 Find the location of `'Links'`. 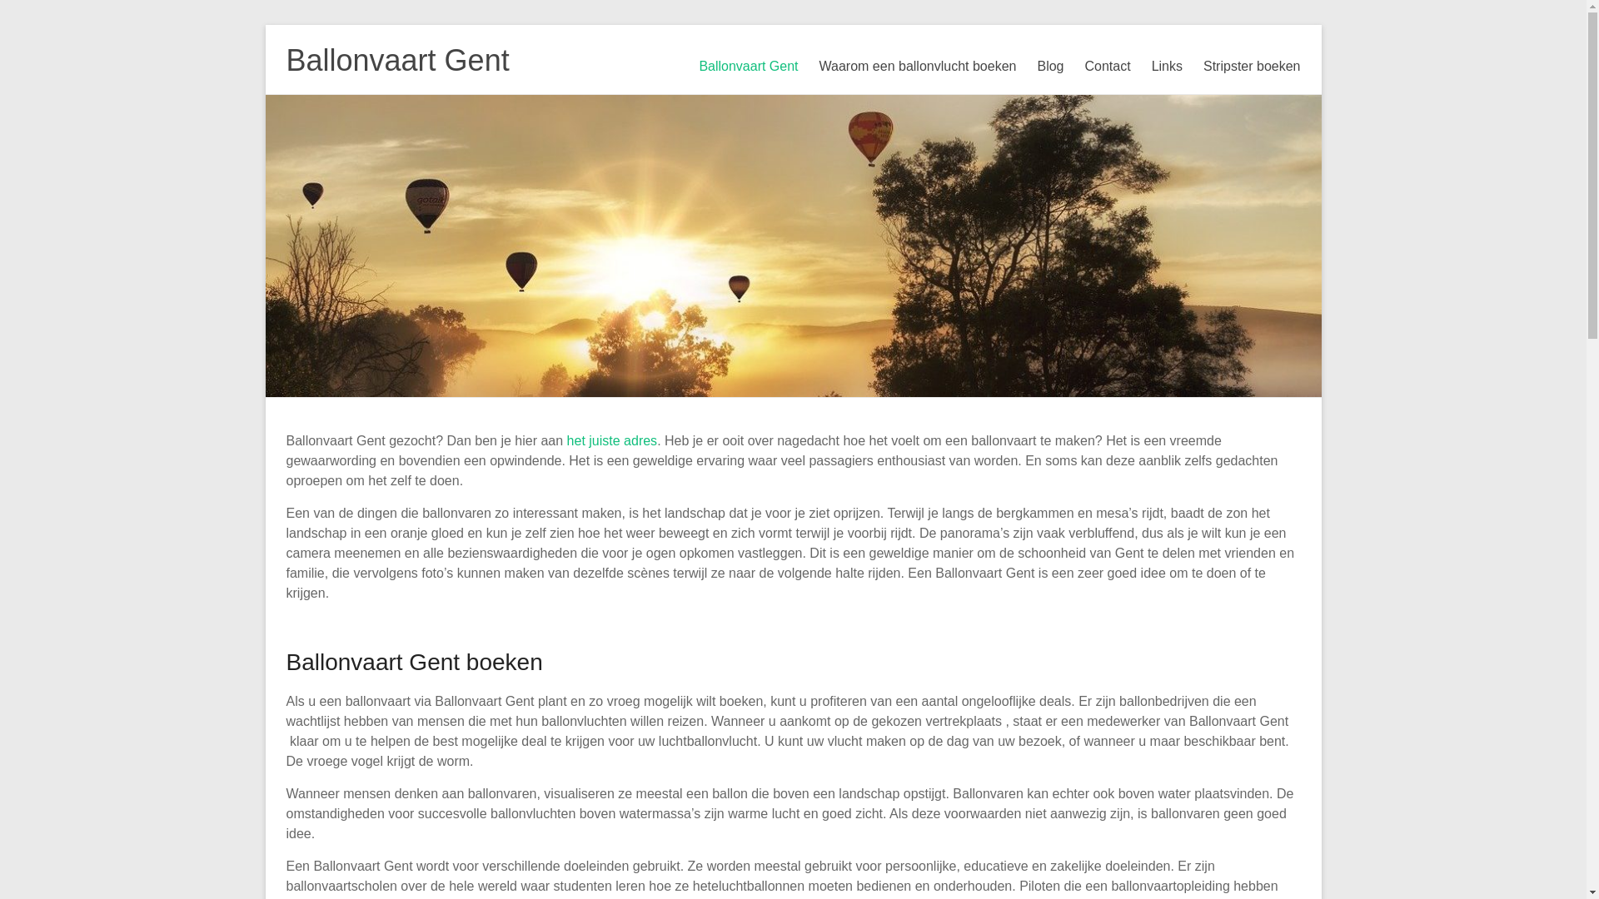

'Links' is located at coordinates (1150, 66).